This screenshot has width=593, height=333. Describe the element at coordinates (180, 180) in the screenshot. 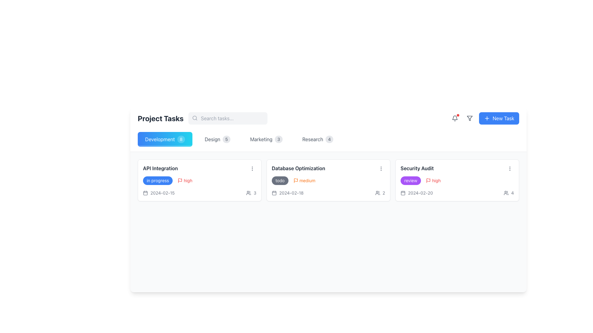

I see `the red outlined flag icon next to the 'high' label within the task card for 'API Integration'` at that location.